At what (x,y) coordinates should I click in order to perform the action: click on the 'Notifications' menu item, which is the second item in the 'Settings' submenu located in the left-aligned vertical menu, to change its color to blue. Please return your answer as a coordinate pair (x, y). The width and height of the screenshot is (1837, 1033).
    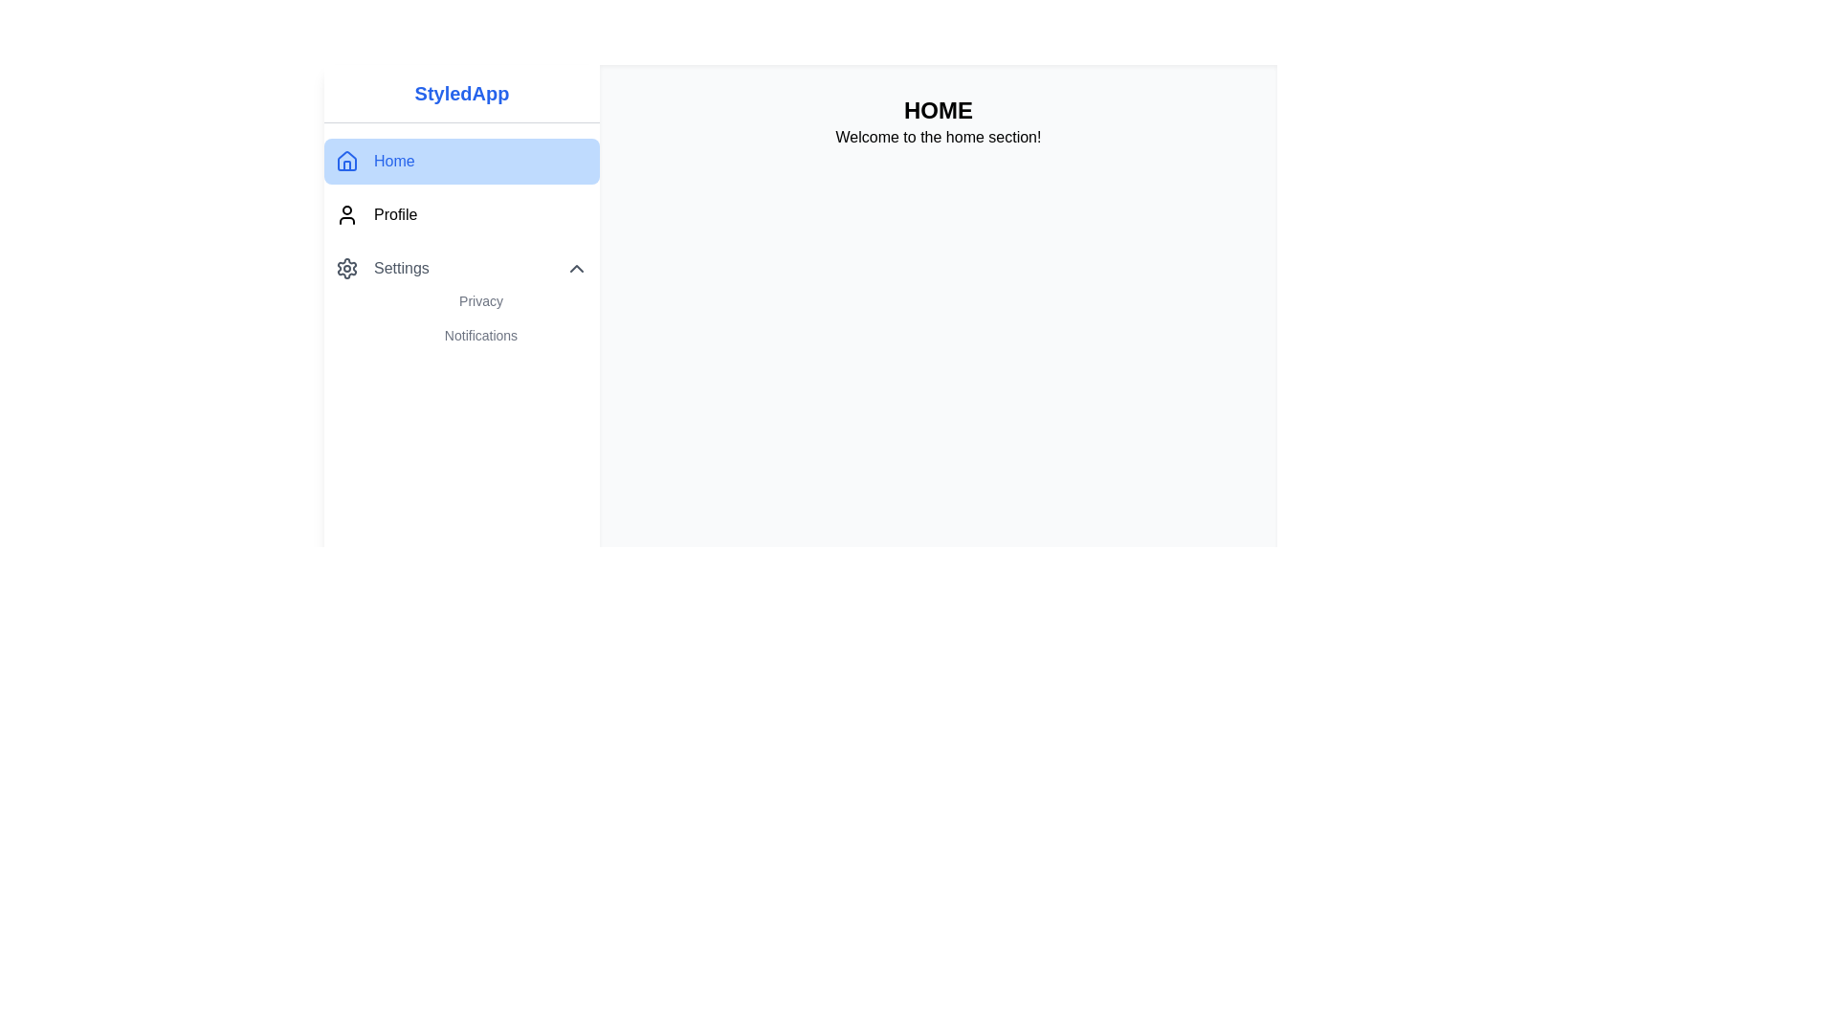
    Looking at the image, I should click on (481, 335).